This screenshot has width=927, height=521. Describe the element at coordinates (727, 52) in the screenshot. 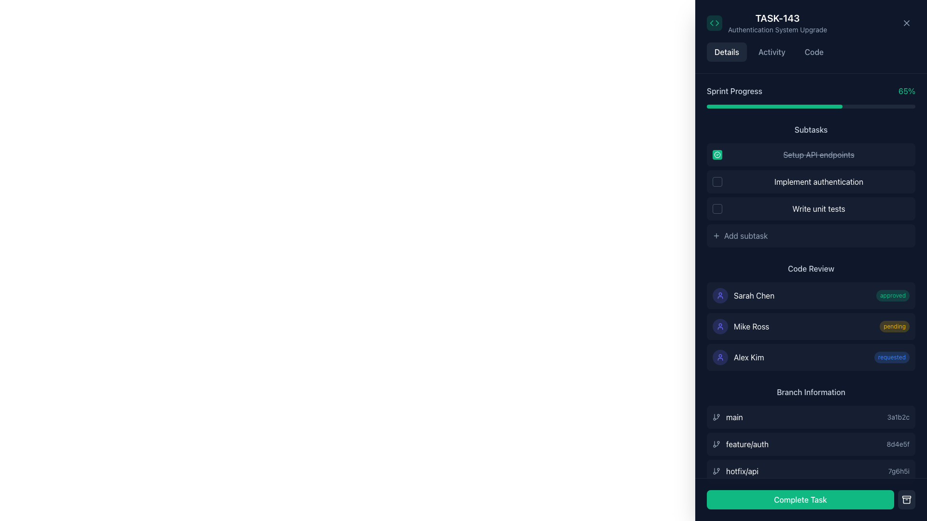

I see `the 'Details' button, which is the first button in a horizontal list with a dark background and white text` at that location.